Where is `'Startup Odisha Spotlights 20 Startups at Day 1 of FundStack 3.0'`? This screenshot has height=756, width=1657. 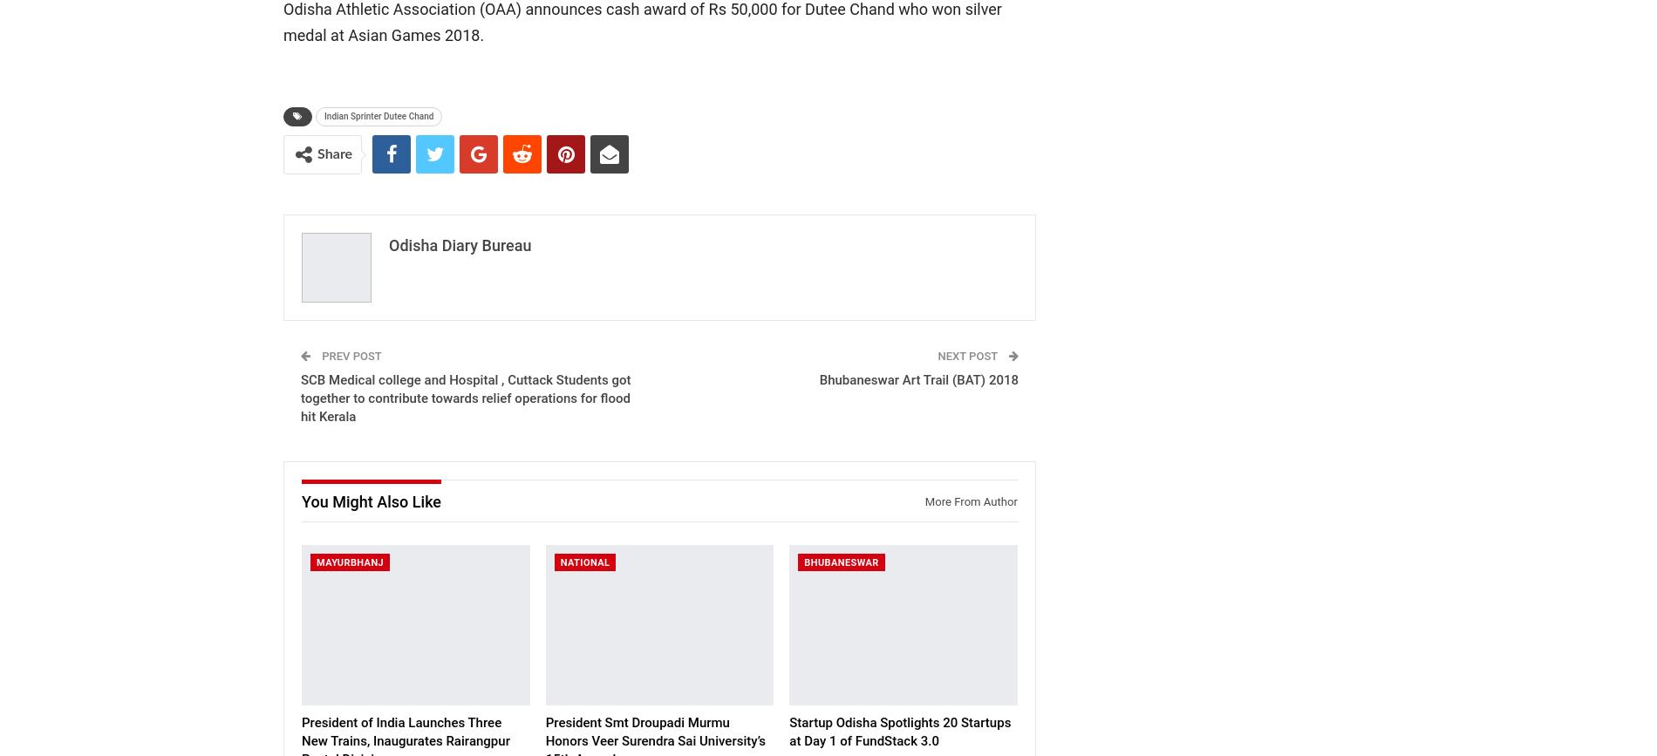
'Startup Odisha Spotlights 20 Startups at Day 1 of FundStack 3.0' is located at coordinates (788, 730).